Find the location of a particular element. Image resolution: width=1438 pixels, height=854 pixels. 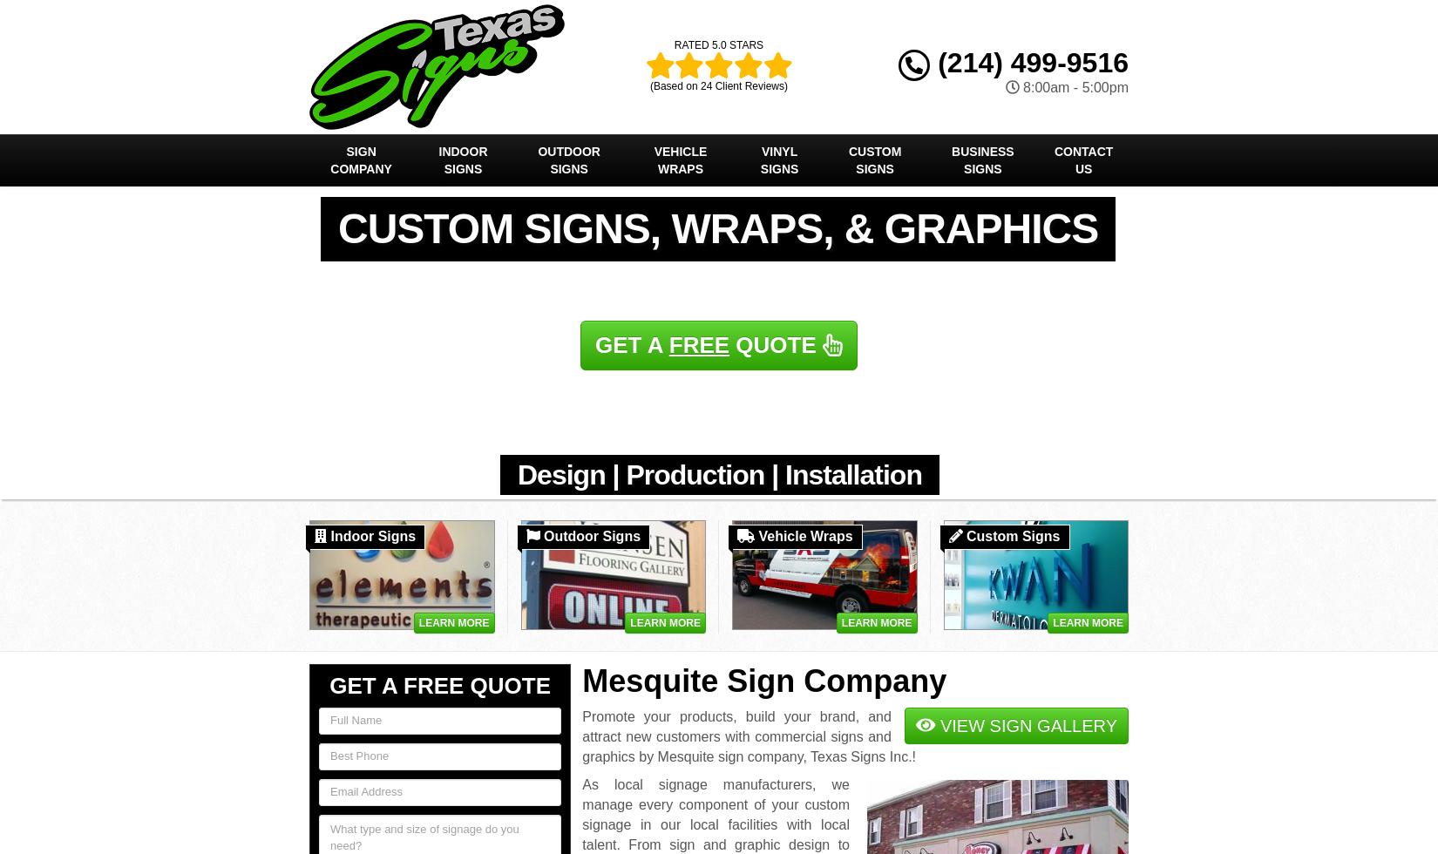

'RATED 5.0 STARS' is located at coordinates (717, 45).